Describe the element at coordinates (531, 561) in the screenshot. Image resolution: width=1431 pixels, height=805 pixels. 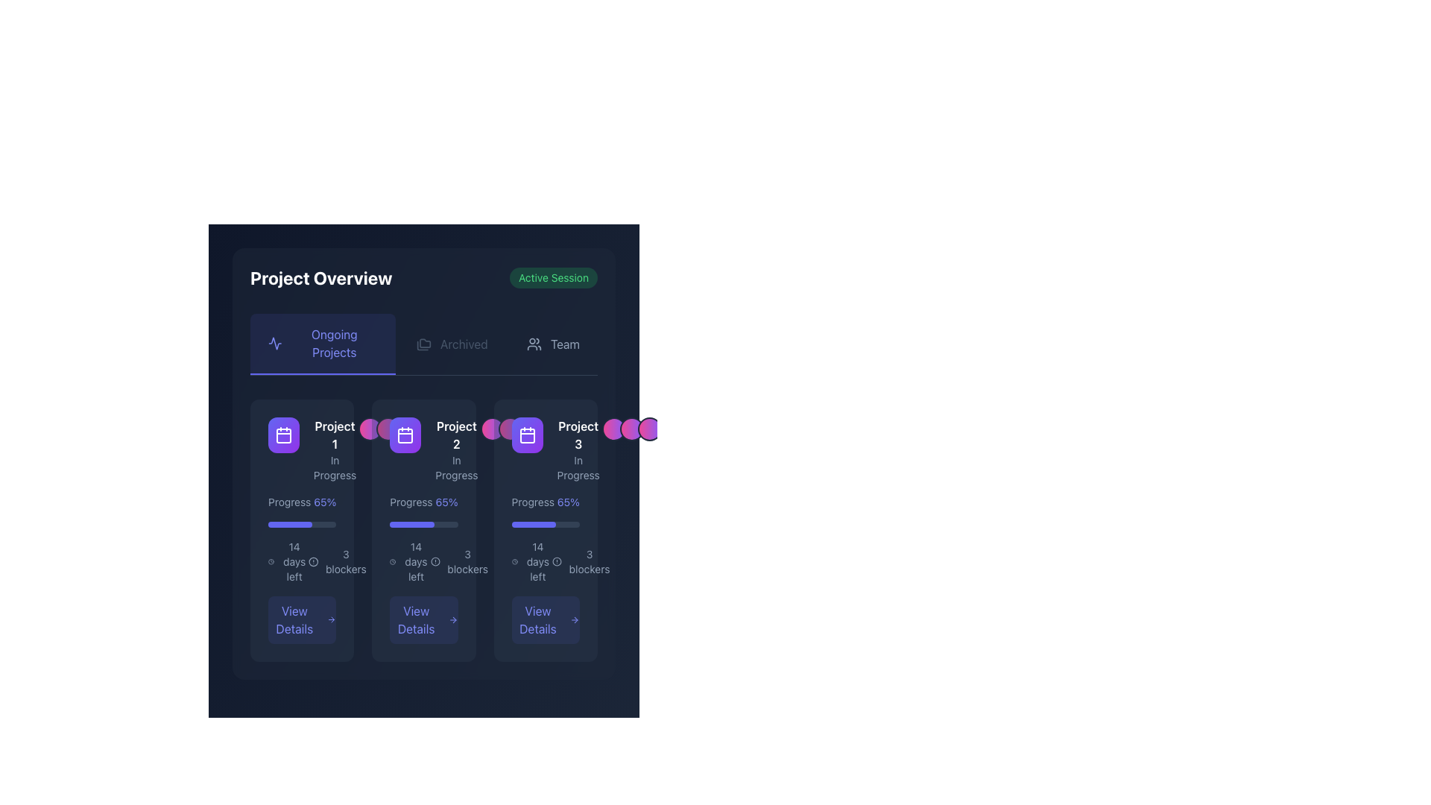
I see `the Text with icon label that displays the remaining time (14 days) for the Project 3 task in the Ongoing Projects section of the dashboard` at that location.